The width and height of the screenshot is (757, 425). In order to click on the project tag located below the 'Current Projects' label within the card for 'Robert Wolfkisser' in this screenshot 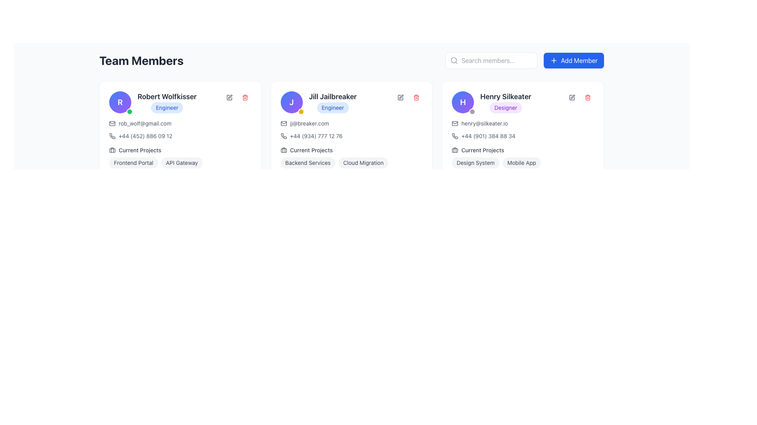, I will do `click(180, 162)`.